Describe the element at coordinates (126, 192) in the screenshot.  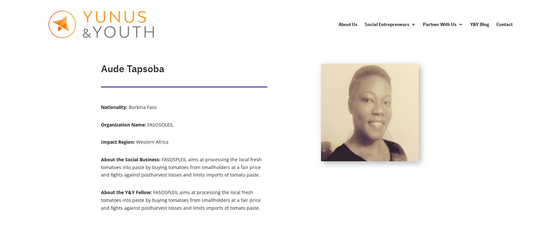
I see `'About the Y&Y Fellow:'` at that location.